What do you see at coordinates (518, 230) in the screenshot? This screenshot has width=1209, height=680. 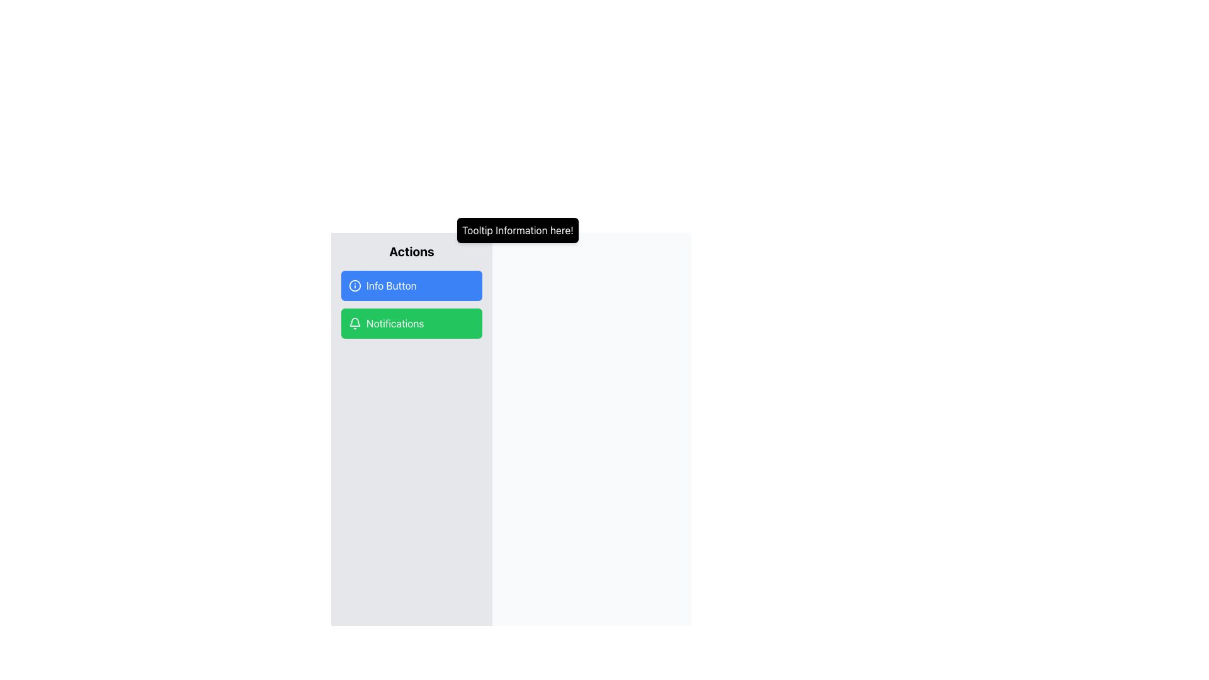 I see `text content from the Tooltip overlay displaying 'Tooltip Information here!' positioned above the 'Info Button'` at bounding box center [518, 230].